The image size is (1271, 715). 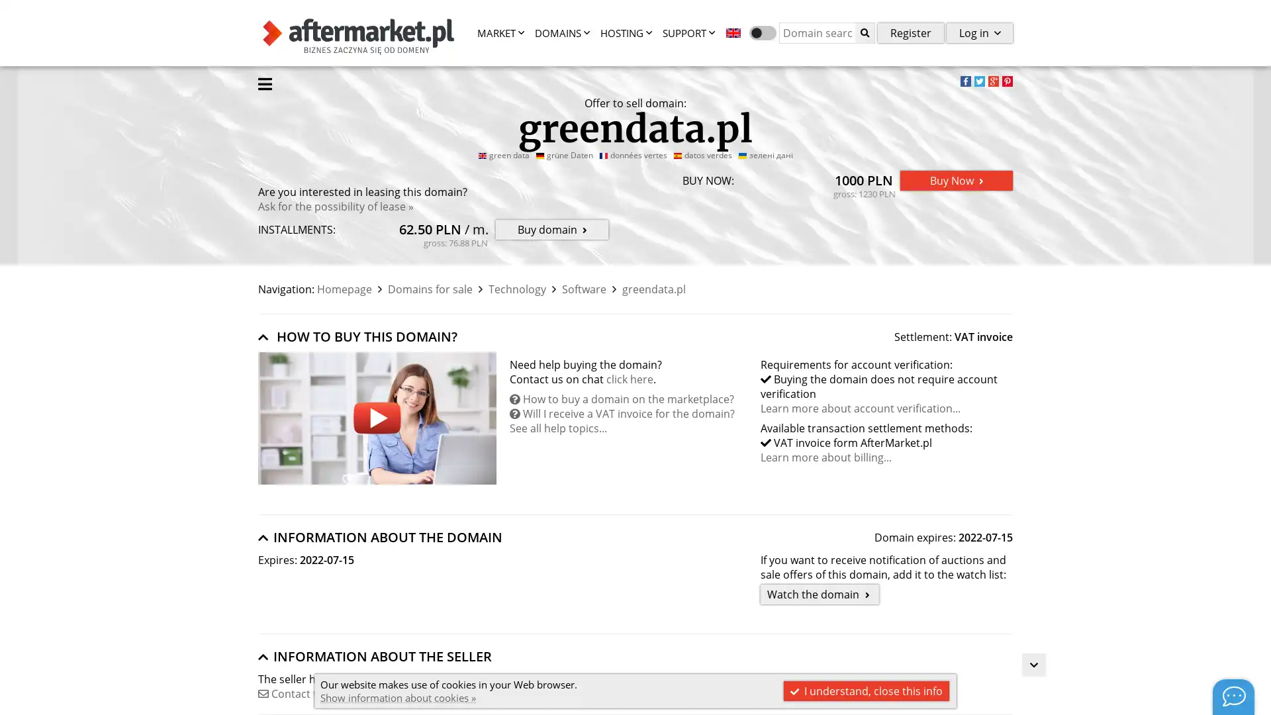 I want to click on Log in, so click(x=979, y=32).